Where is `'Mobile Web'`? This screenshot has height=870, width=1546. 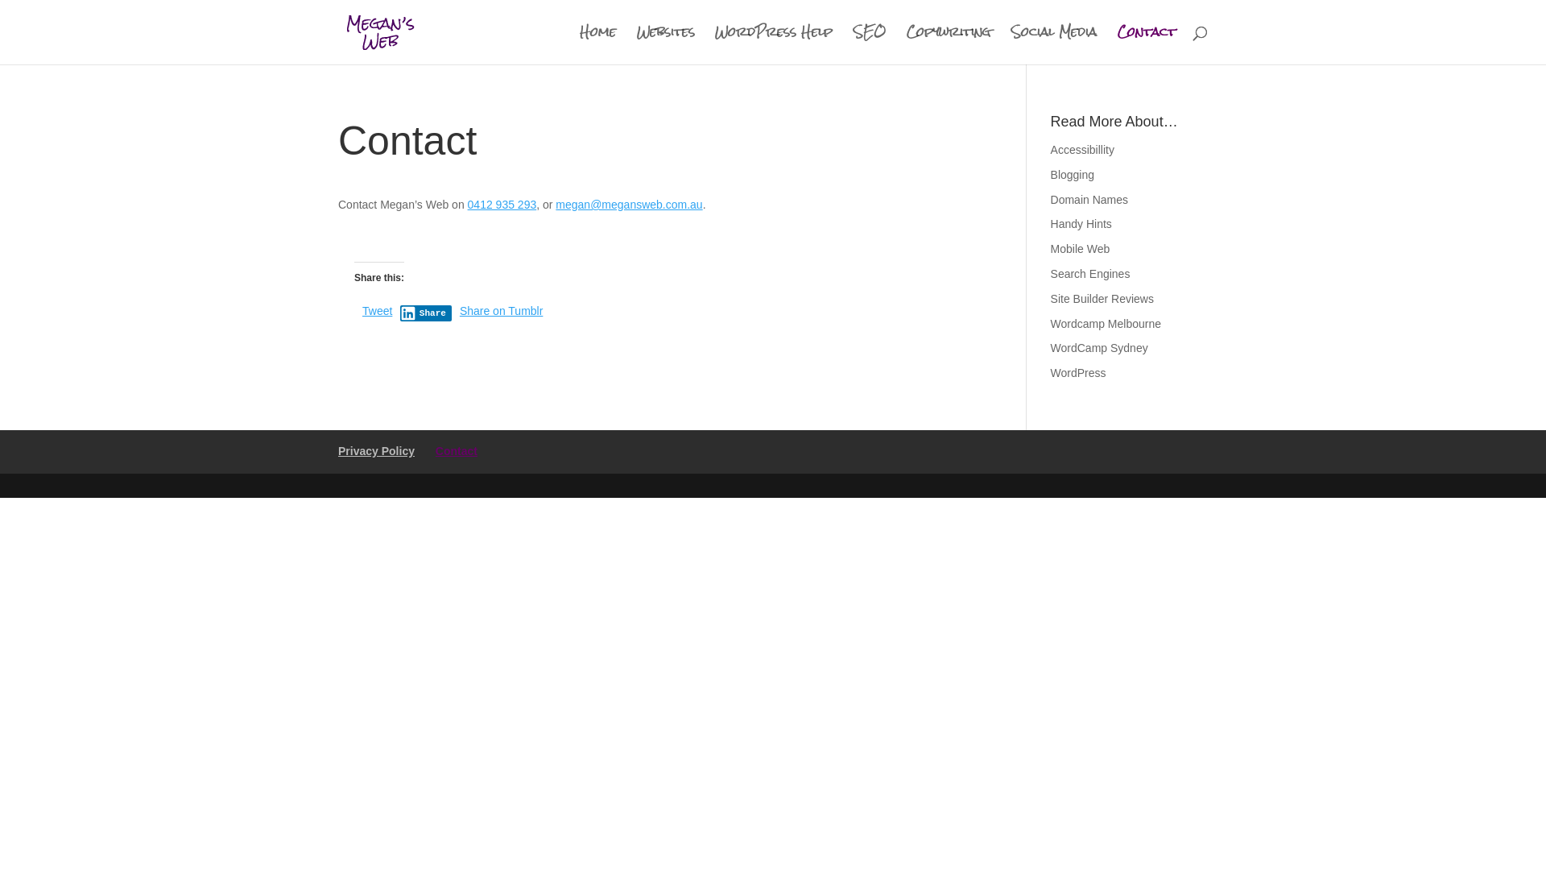
'Mobile Web' is located at coordinates (1081, 248).